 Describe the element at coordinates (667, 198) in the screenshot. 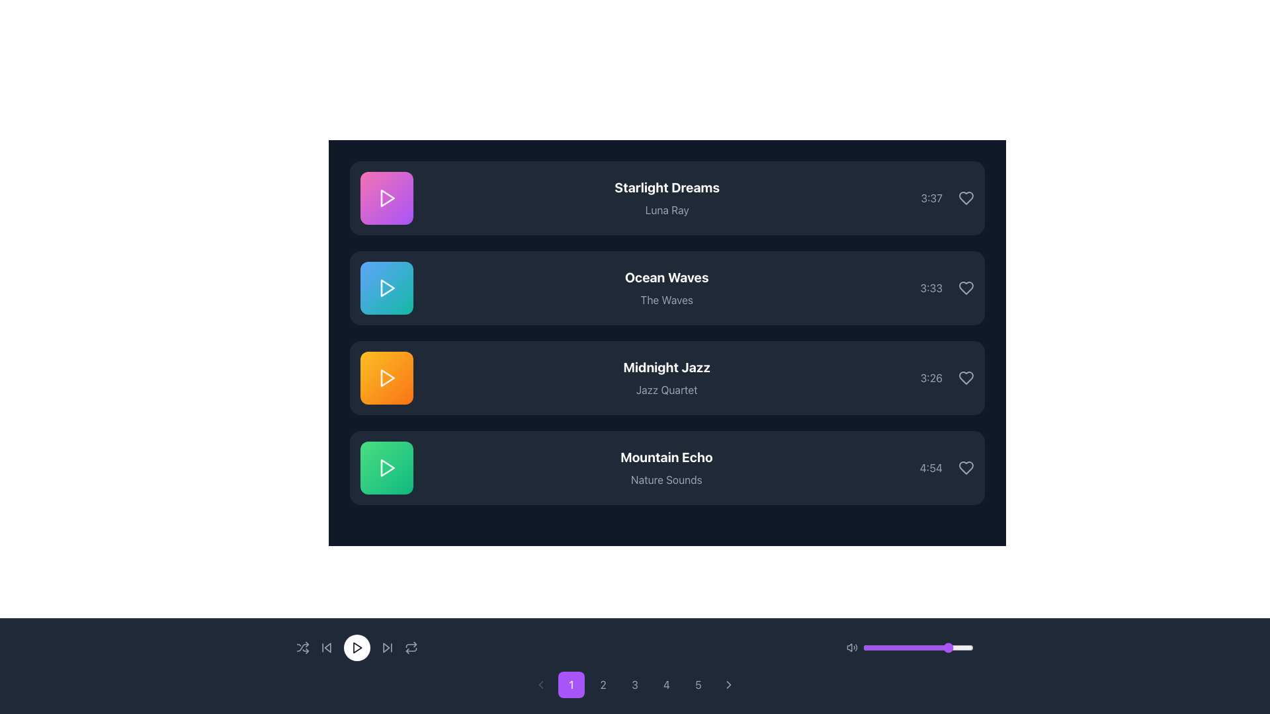

I see `contents of the text display that shows the title and artist of the song, located in the first item of the list, to the right of the circular gradient icon and to the left of the duration label '3:37'` at that location.